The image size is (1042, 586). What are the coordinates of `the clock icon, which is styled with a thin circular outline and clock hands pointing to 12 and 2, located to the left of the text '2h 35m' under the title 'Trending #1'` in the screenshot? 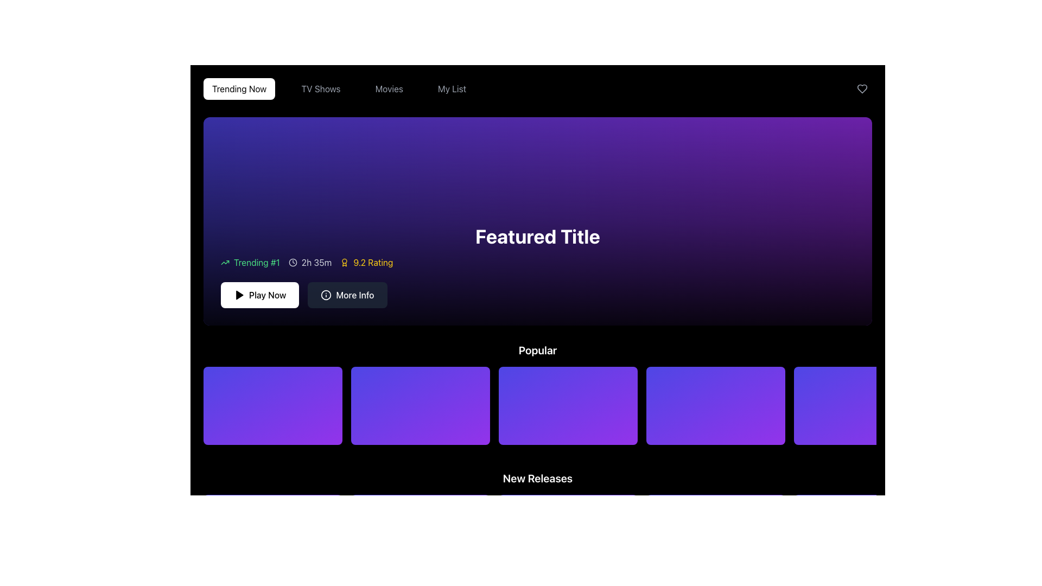 It's located at (293, 262).